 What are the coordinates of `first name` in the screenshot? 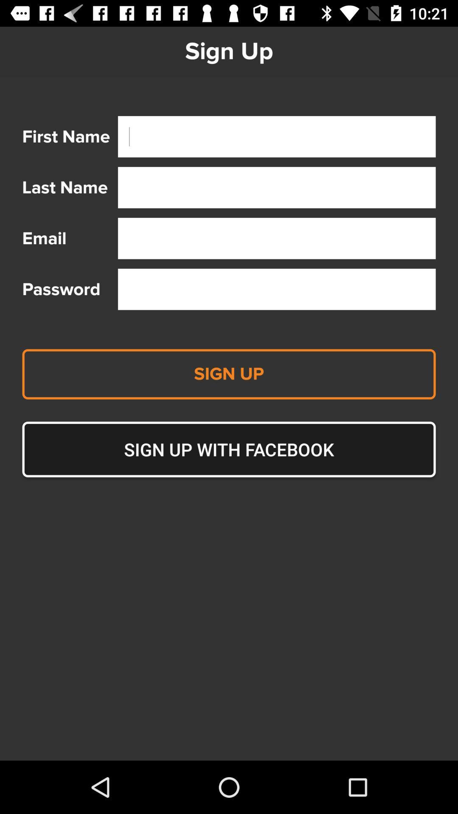 It's located at (276, 137).